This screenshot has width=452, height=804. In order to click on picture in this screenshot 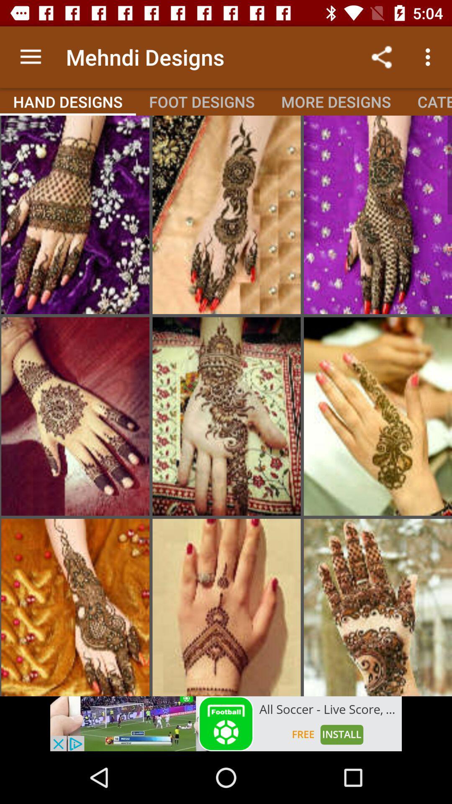, I will do `click(75, 215)`.